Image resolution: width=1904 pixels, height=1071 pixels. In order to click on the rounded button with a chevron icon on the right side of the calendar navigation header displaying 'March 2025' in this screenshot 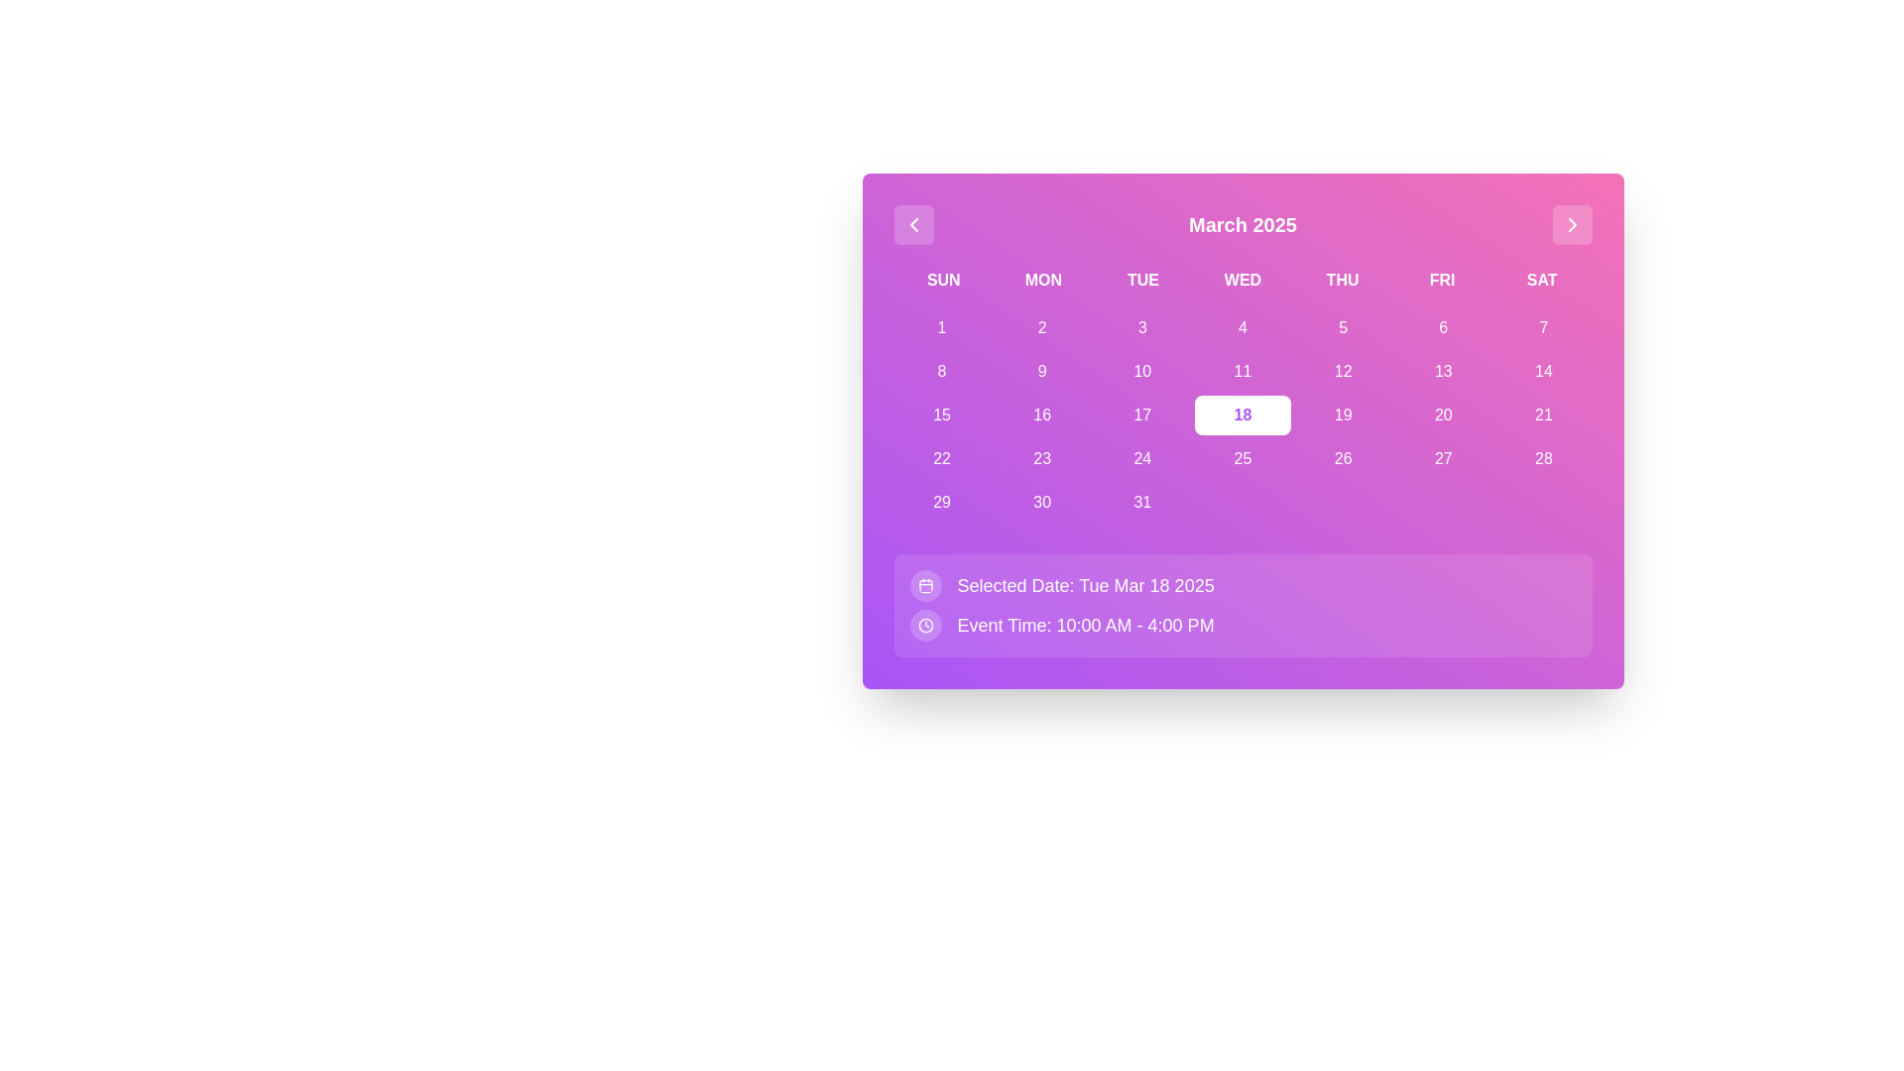, I will do `click(1571, 224)`.